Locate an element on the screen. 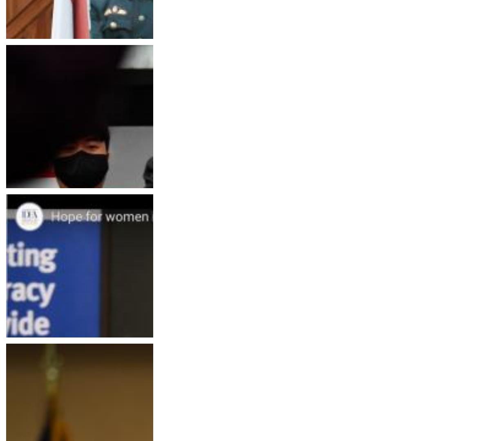  'CBC' is located at coordinates (14, 63).